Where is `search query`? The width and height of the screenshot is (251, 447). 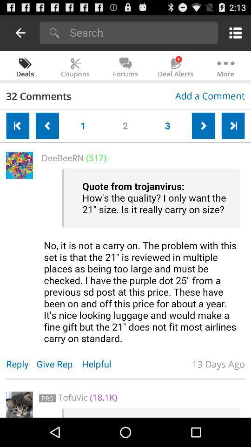
search query is located at coordinates (140, 32).